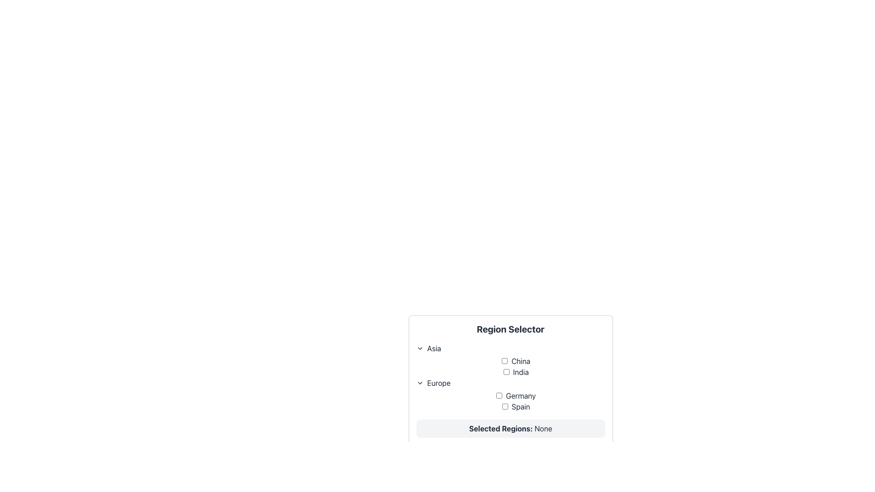 Image resolution: width=875 pixels, height=492 pixels. Describe the element at coordinates (516, 361) in the screenshot. I see `the label 'China' next to the checkbox in the 'Asia' section of the 'Region Selector' interface` at that location.